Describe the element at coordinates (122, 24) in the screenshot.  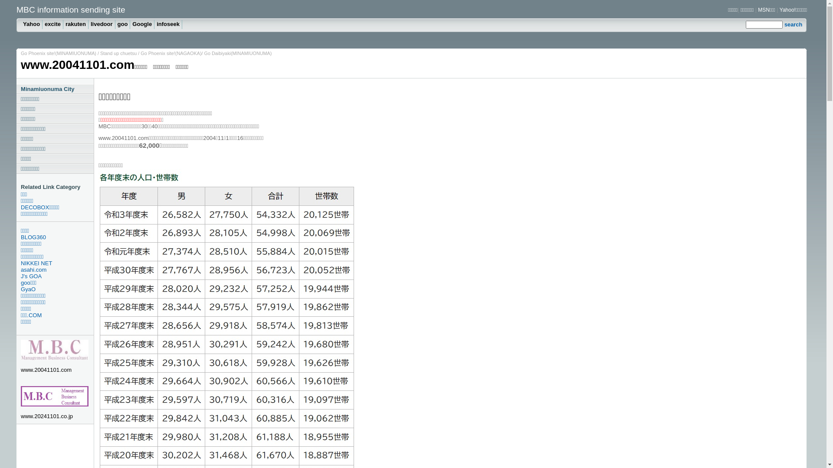
I see `'goo'` at that location.